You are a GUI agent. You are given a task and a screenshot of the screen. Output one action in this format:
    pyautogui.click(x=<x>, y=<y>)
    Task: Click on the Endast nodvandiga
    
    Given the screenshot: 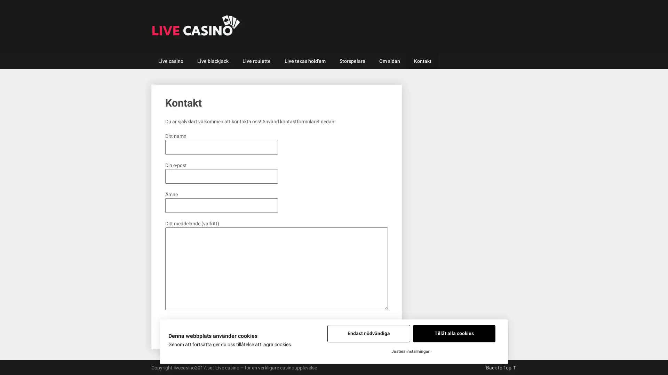 What is the action you would take?
    pyautogui.click(x=368, y=333)
    